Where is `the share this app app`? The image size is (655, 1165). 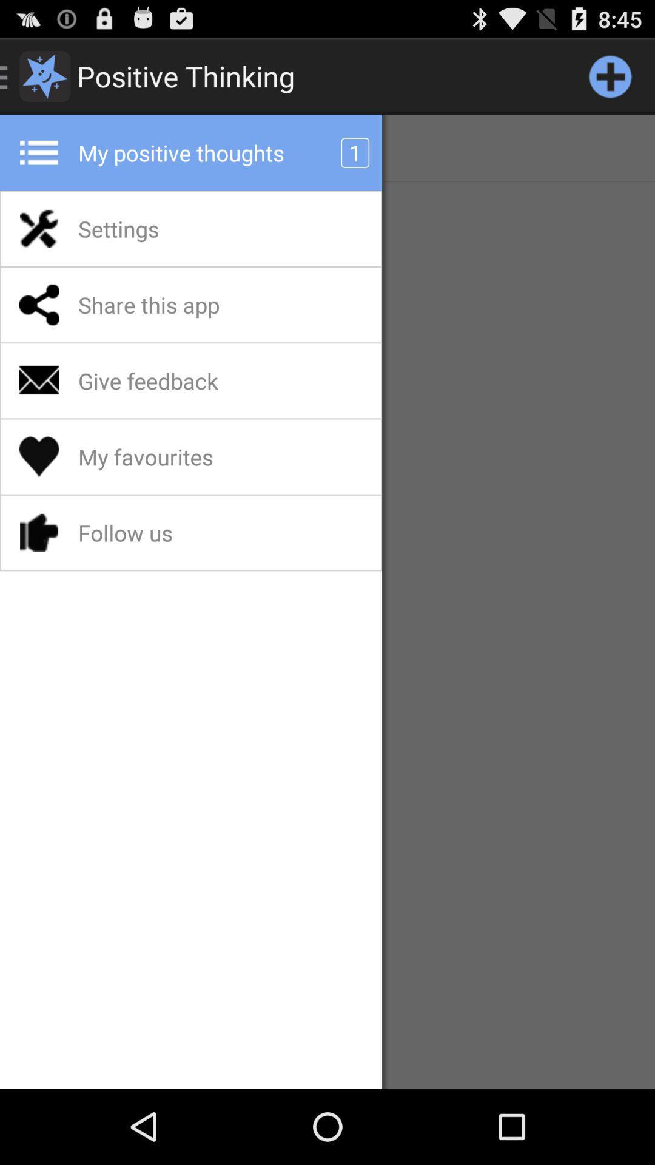 the share this app app is located at coordinates (181, 305).